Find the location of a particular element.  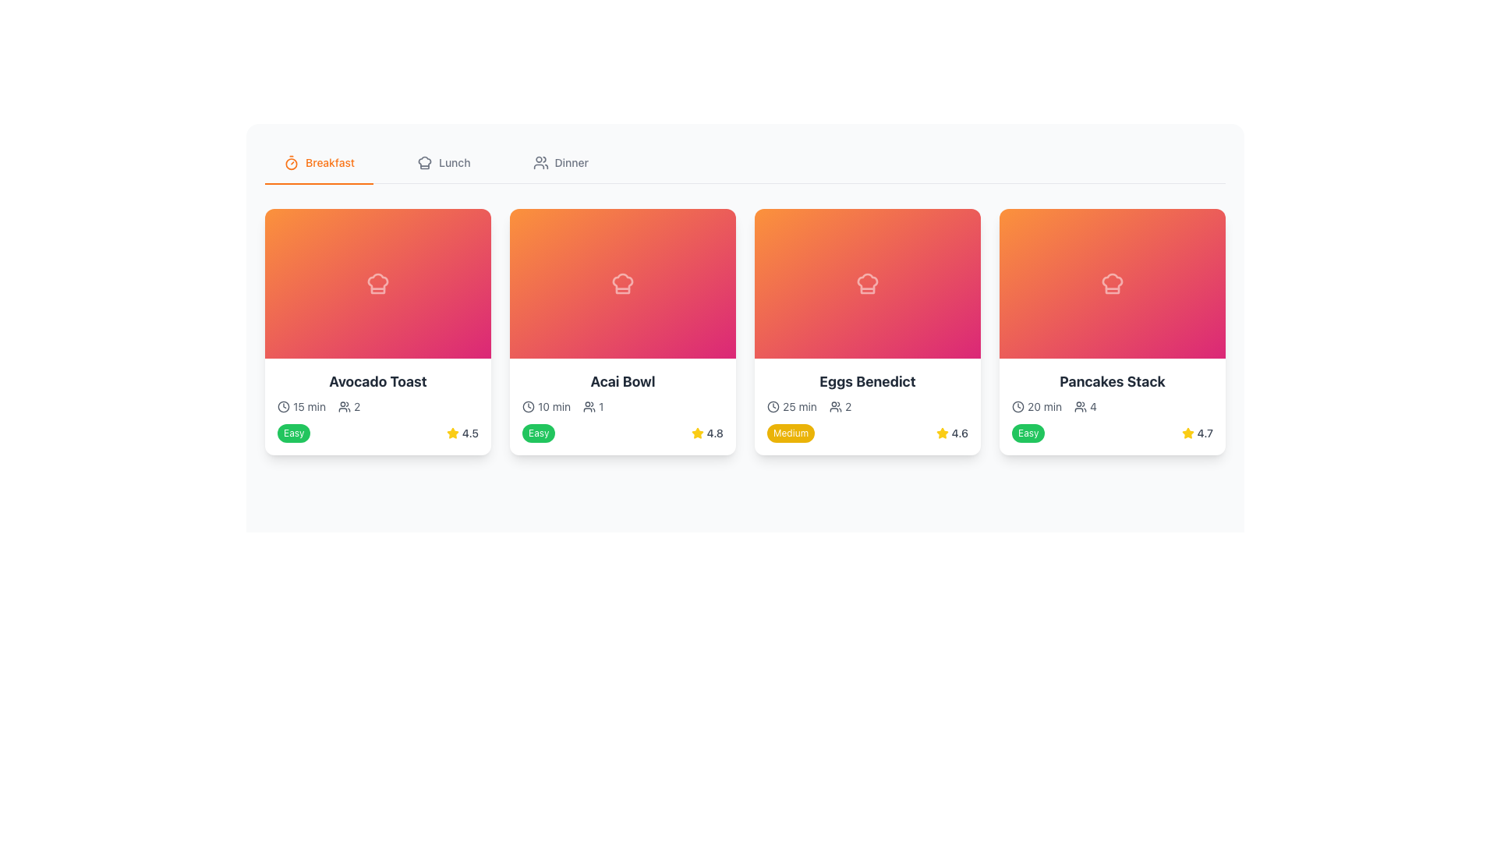

the informational card for the dish 'Acai Bowl', located in the second card of the horizontal grid, which displays details like preparation time, serving size, difficulty level, and a rating of '4.8' is located at coordinates (621, 405).